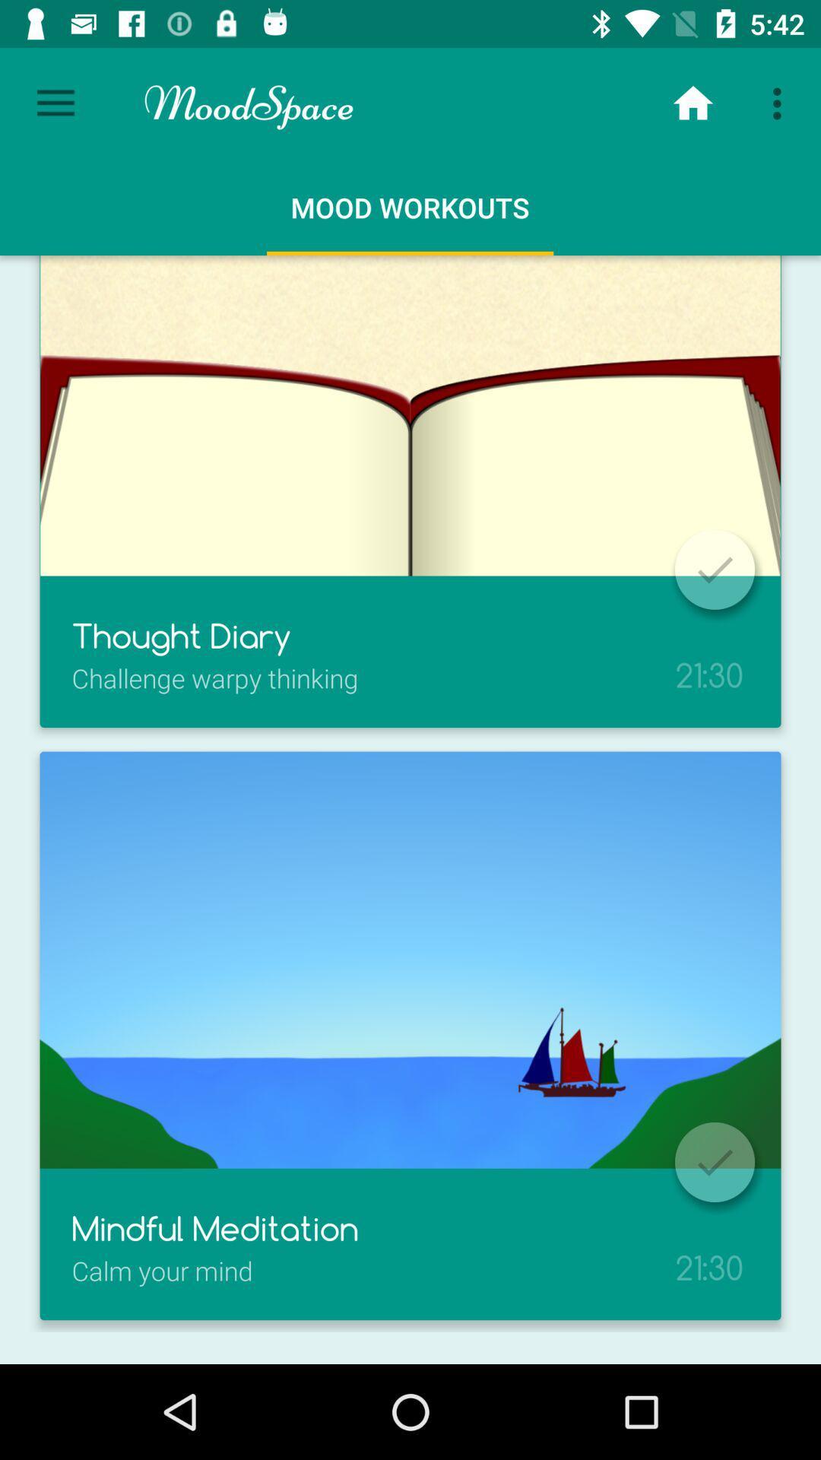 Image resolution: width=821 pixels, height=1460 pixels. What do you see at coordinates (410, 1035) in the screenshot?
I see `the second option under mood workouts` at bounding box center [410, 1035].